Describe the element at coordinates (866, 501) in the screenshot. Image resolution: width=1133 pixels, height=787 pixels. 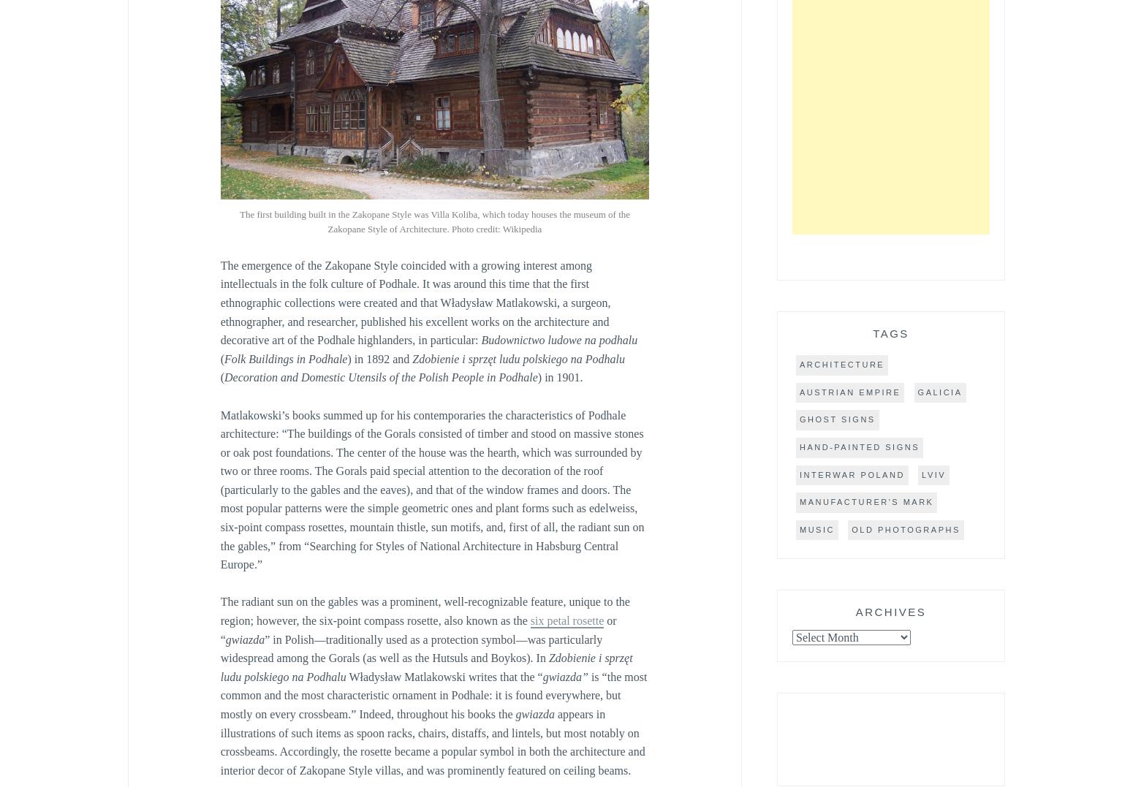
I see `'manufacturer's mark'` at that location.